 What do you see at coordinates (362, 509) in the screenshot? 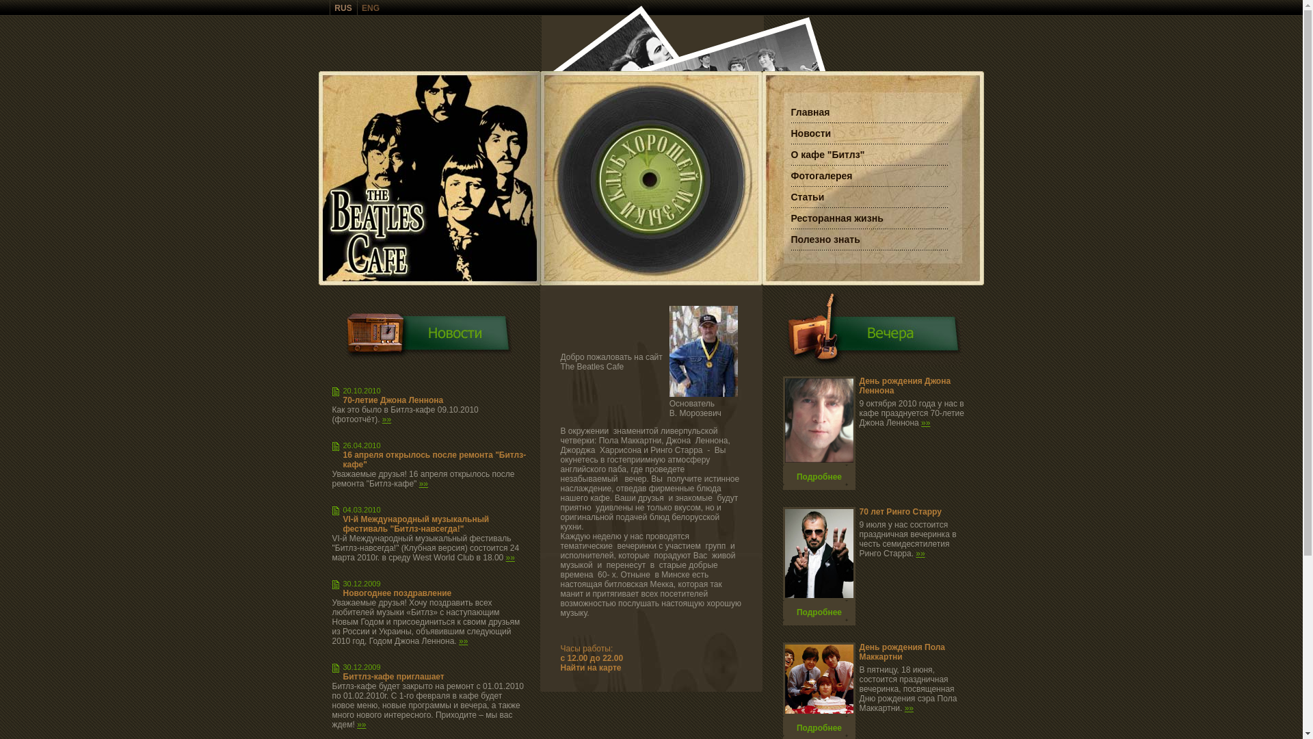
I see `'04.03.2010'` at bounding box center [362, 509].